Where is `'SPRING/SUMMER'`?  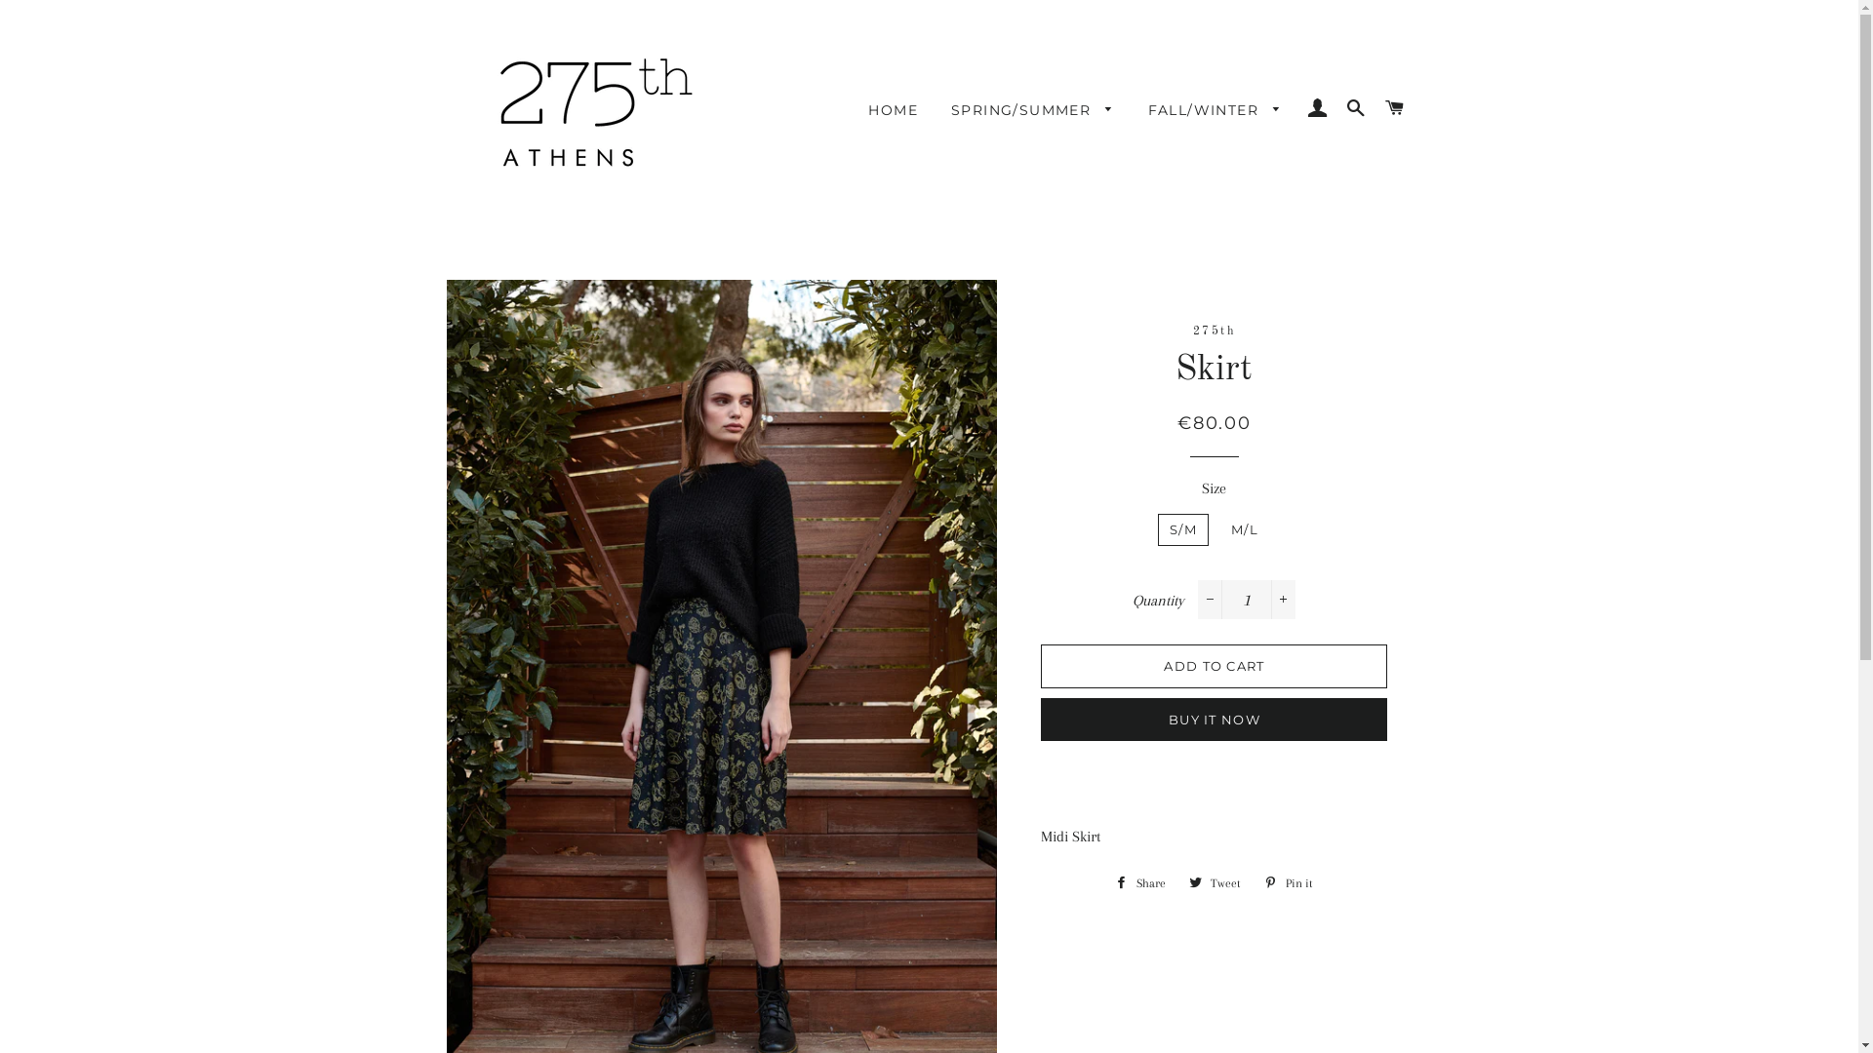
'SPRING/SUMMER' is located at coordinates (1032, 111).